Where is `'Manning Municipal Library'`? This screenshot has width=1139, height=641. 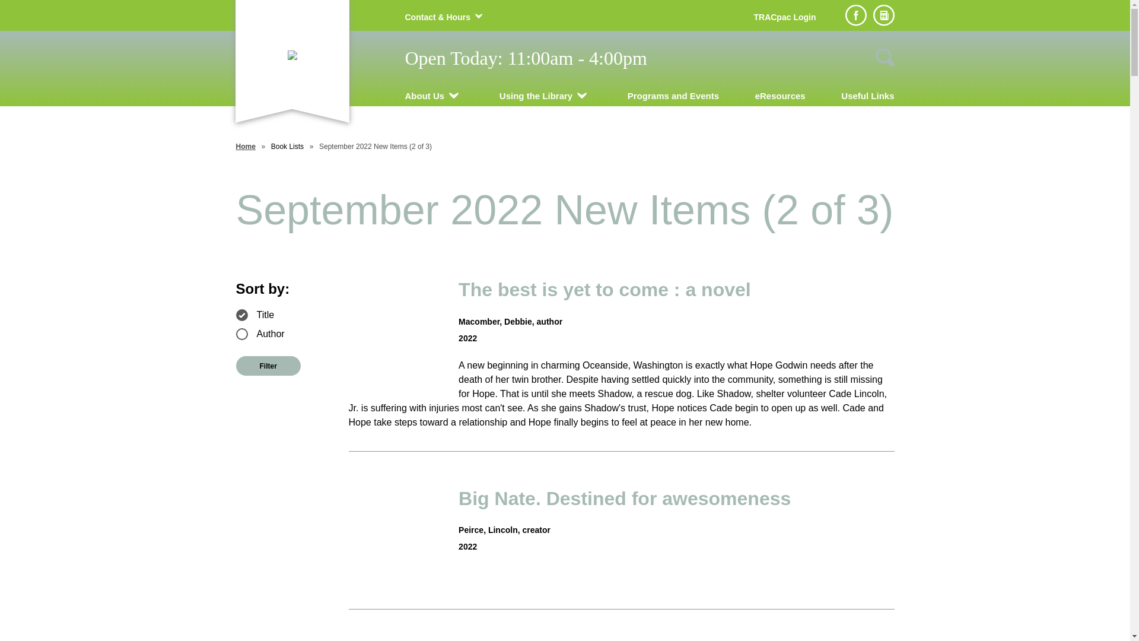 'Manning Municipal Library' is located at coordinates (291, 55).